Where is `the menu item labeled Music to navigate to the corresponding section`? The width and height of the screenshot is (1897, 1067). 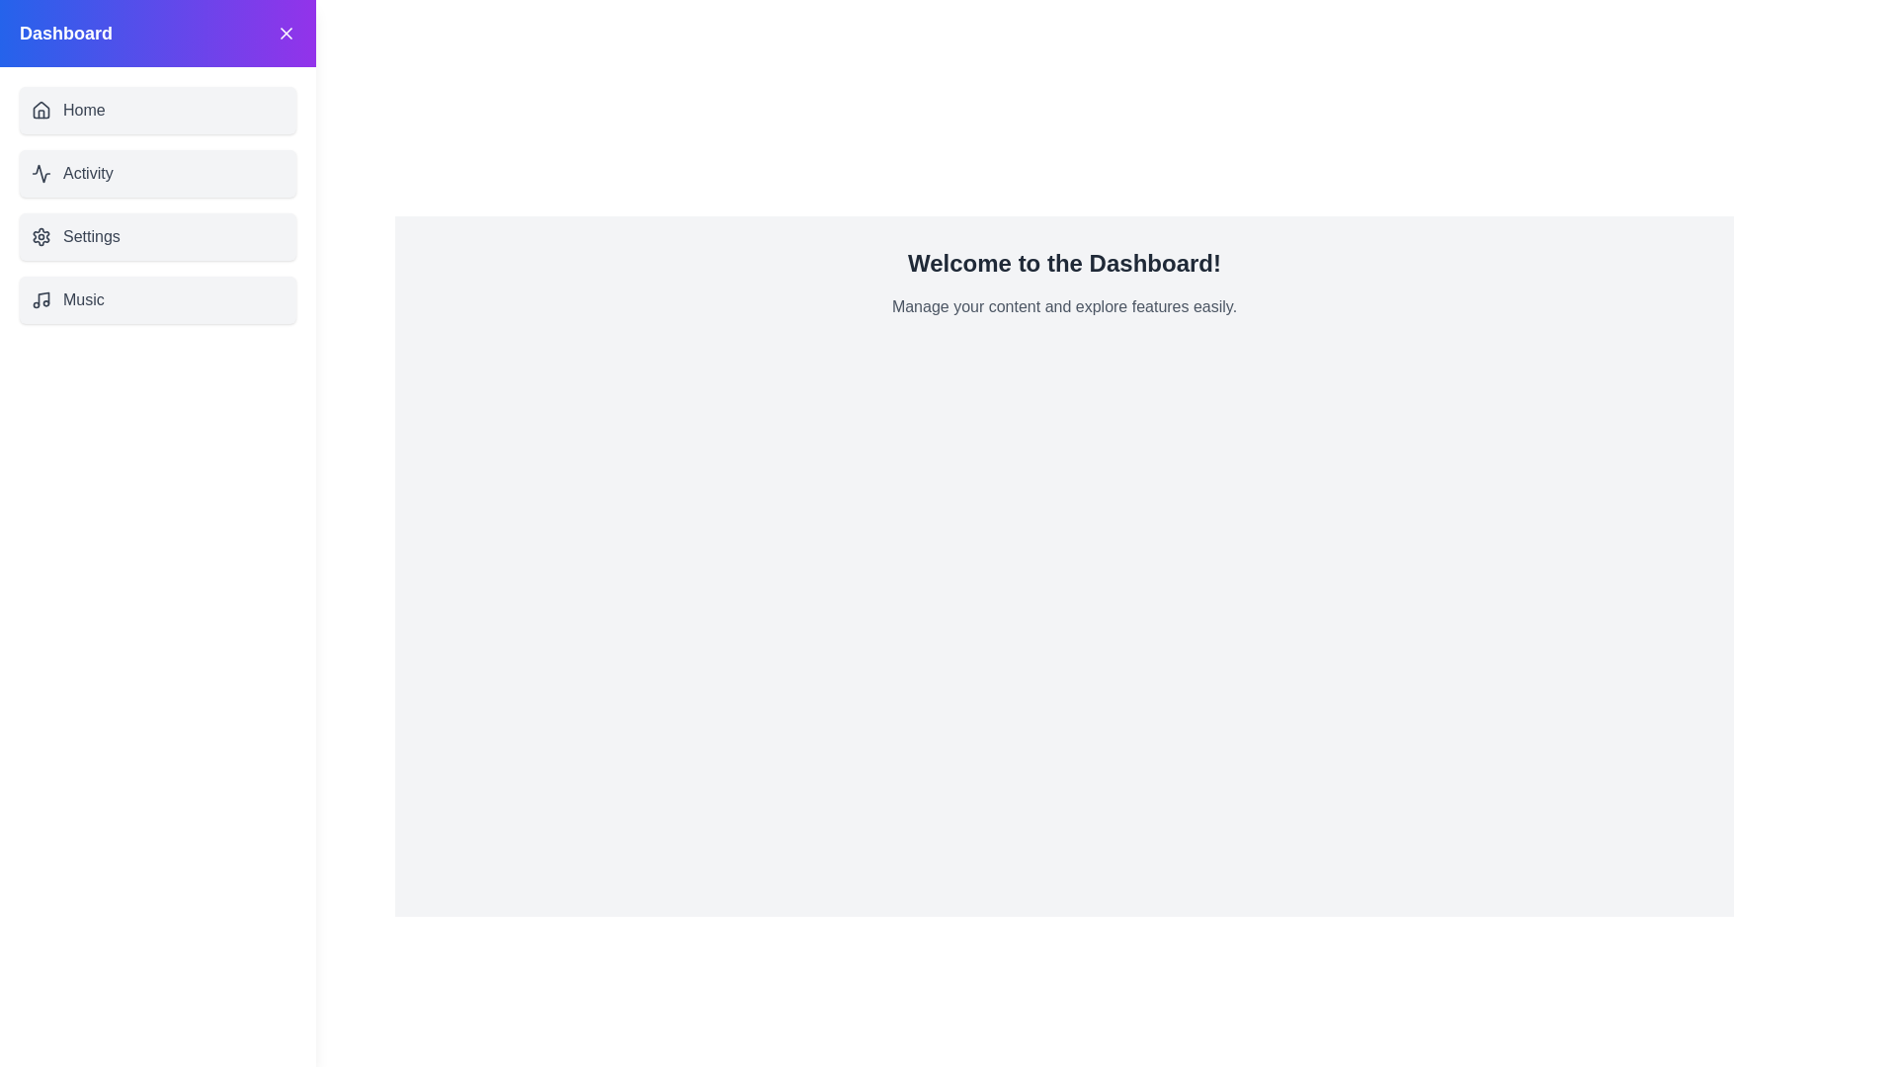 the menu item labeled Music to navigate to the corresponding section is located at coordinates (156, 300).